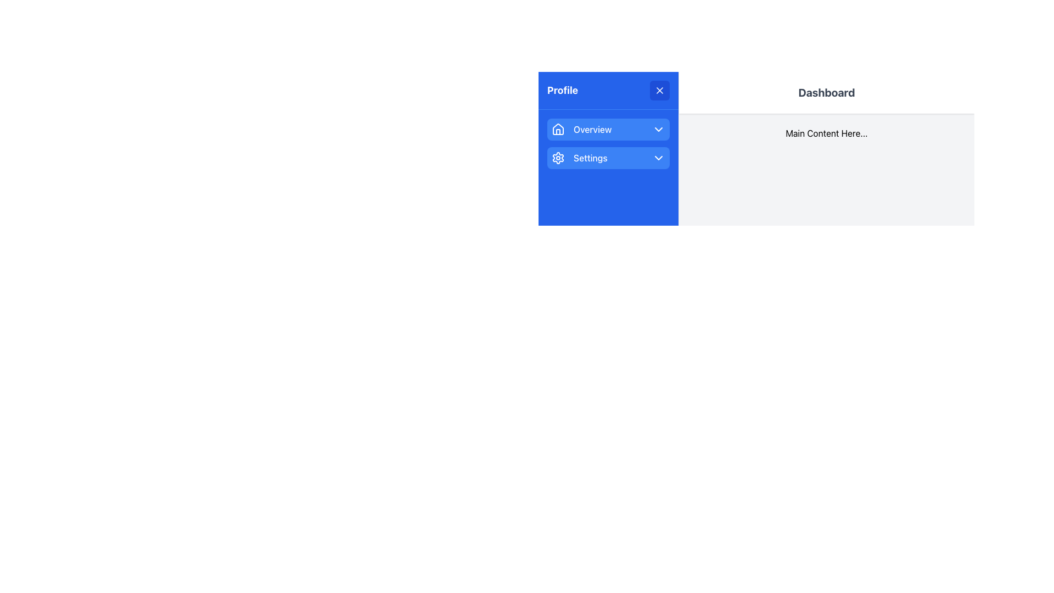 The height and width of the screenshot is (593, 1054). Describe the element at coordinates (558, 131) in the screenshot. I see `the house icon located` at that location.